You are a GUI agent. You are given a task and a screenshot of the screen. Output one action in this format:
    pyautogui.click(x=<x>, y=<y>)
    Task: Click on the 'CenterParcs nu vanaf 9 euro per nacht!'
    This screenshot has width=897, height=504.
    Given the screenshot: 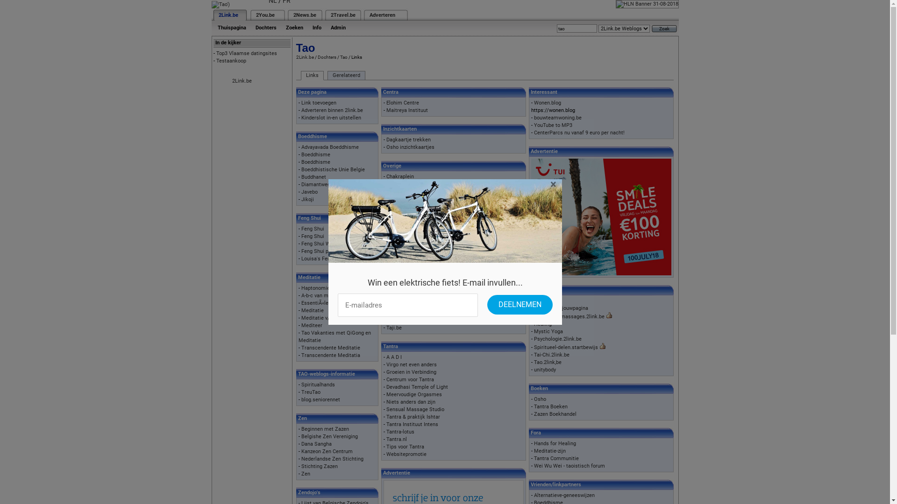 What is the action you would take?
    pyautogui.click(x=578, y=133)
    